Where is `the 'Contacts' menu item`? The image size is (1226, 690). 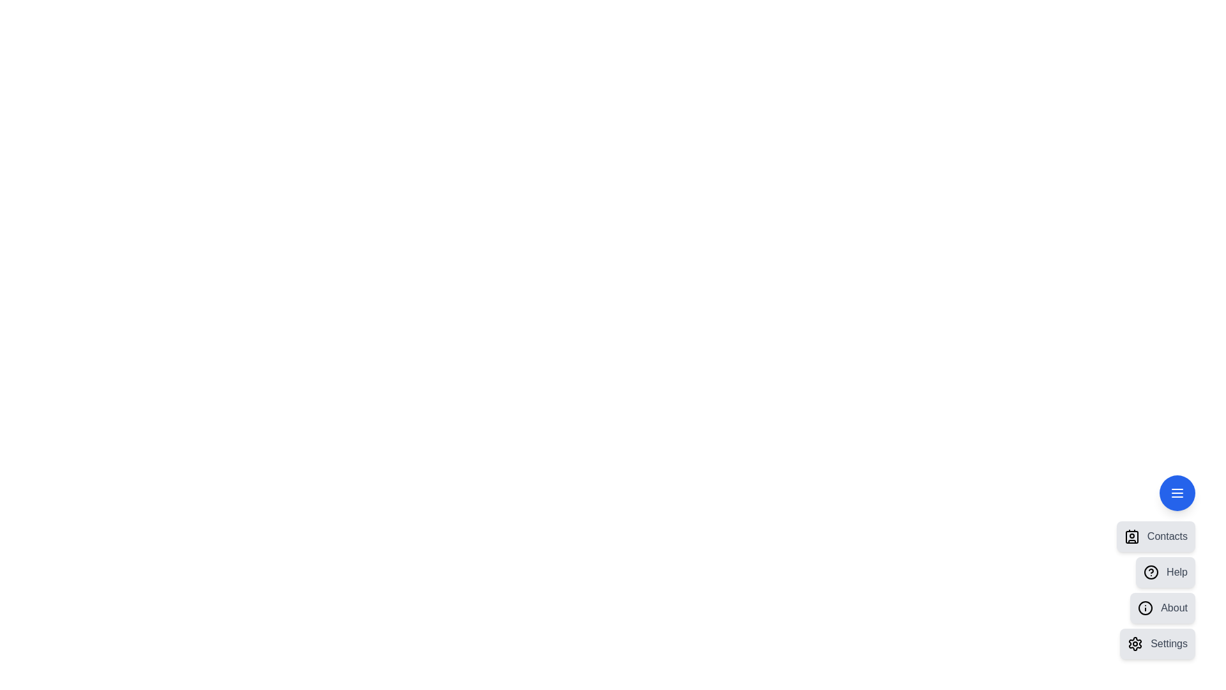 the 'Contacts' menu item is located at coordinates (1155, 537).